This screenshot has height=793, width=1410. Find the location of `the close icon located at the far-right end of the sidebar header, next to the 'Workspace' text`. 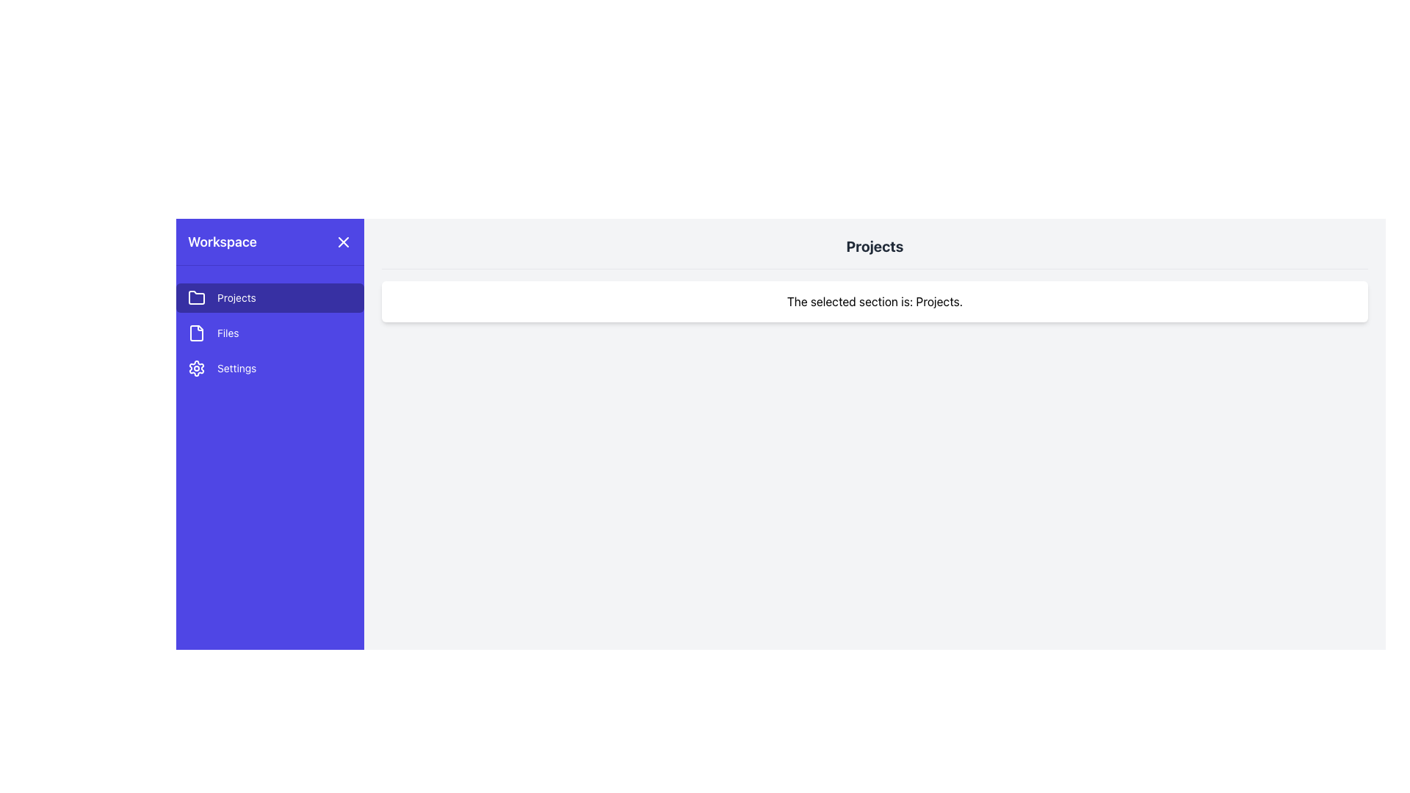

the close icon located at the far-right end of the sidebar header, next to the 'Workspace' text is located at coordinates (342, 240).